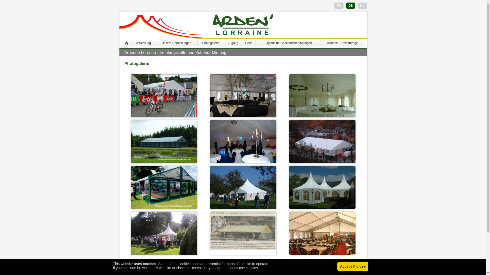  What do you see at coordinates (350, 6) in the screenshot?
I see `'DE'` at bounding box center [350, 6].